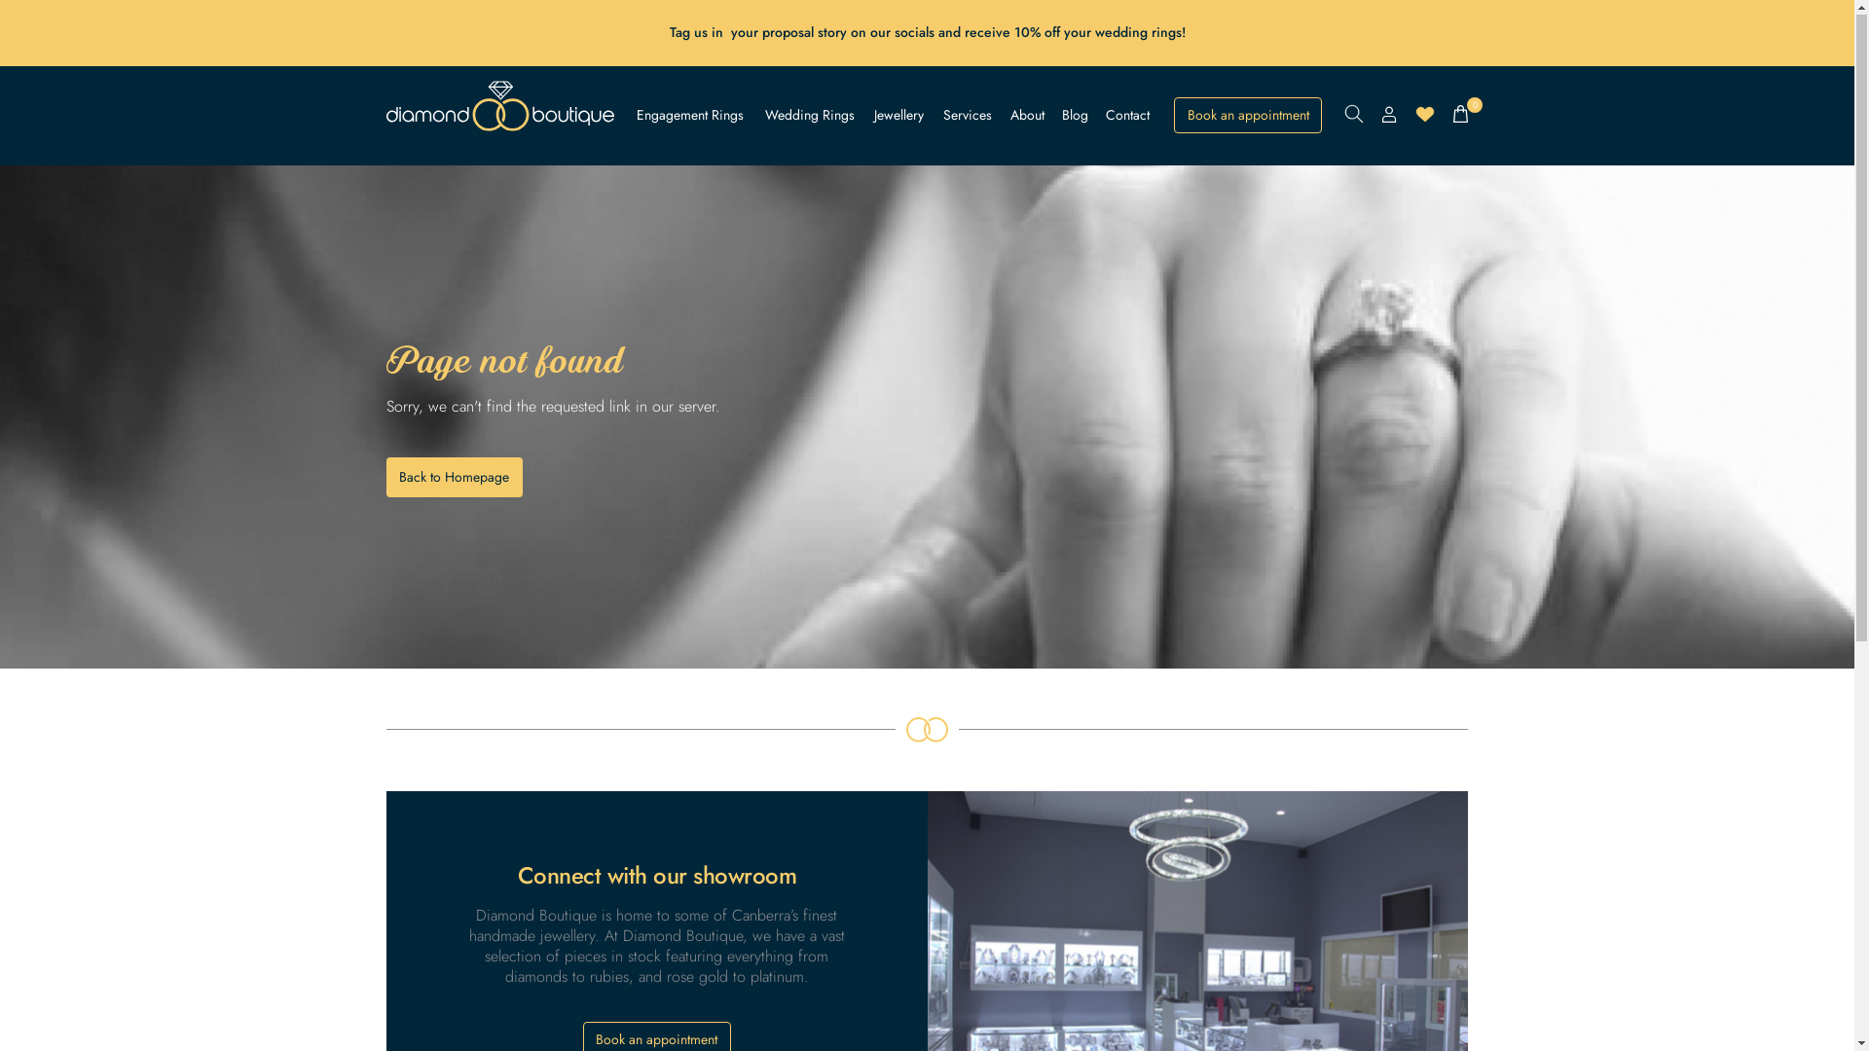  Describe the element at coordinates (1127, 116) in the screenshot. I see `'Contact'` at that location.